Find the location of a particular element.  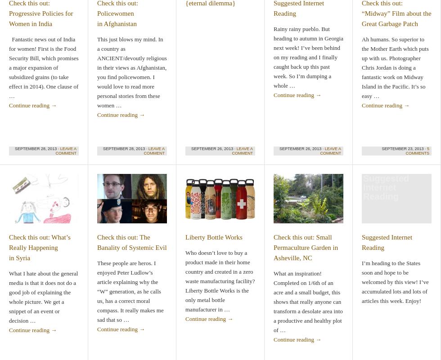

'This just blows my mind. In a country as ANCIENT/devoutly religious in their views as Afghanistan, you find policewomen. I would love to read more personal stories from these women …' is located at coordinates (132, 72).